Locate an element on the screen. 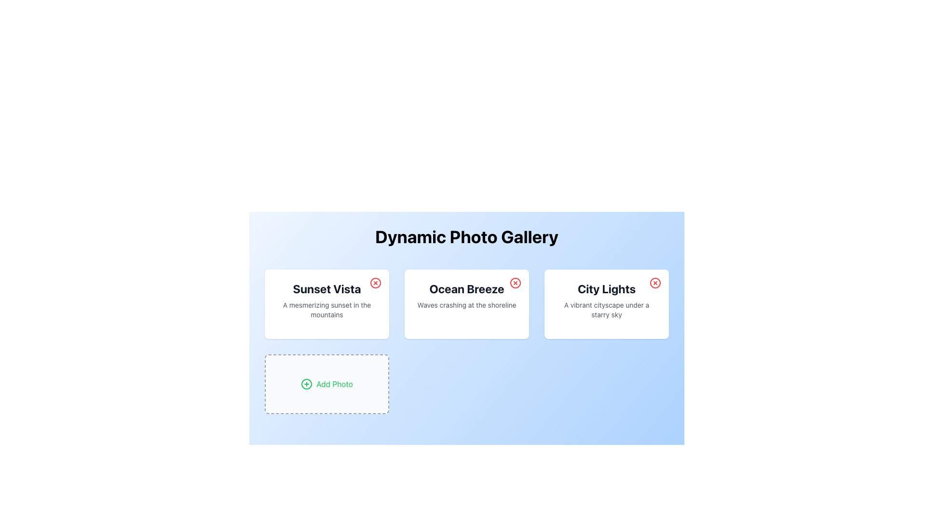 This screenshot has width=926, height=520. the bold, large-sized text label 'Ocean Breeze' which is centrally aligned in the middle card of a horizontally arranged group of three cards is located at coordinates (467, 288).